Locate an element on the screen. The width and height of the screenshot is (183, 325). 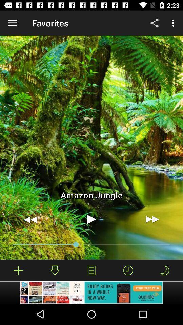
the time icon is located at coordinates (128, 270).